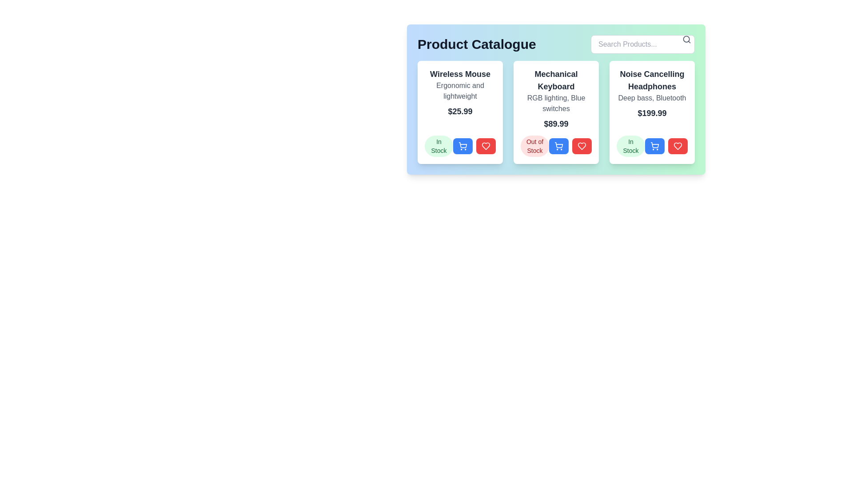  I want to click on the shopping cart button with a blue circular background and a white cart icon, positioned next to a red 'Out of Stock' label and a red heart icon, for keyboard interaction, so click(556, 145).